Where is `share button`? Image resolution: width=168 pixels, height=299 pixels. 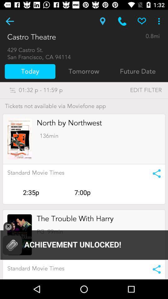
share button is located at coordinates (154, 173).